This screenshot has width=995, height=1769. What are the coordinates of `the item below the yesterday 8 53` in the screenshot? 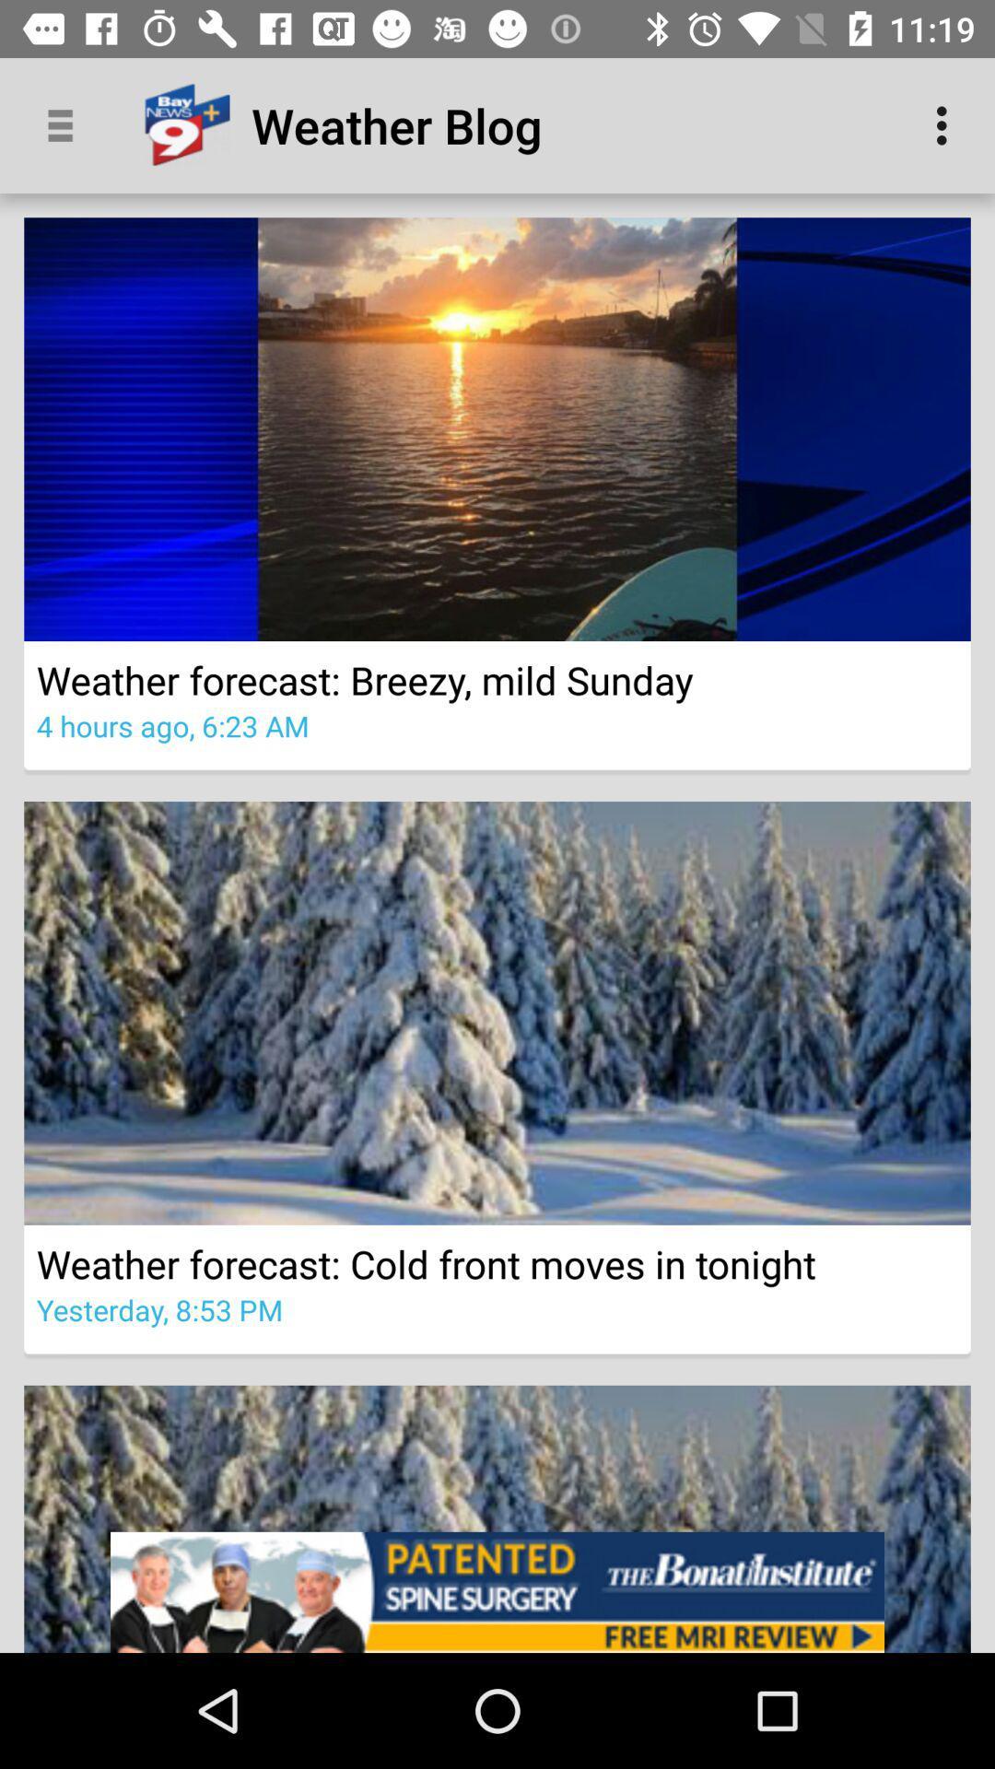 It's located at (497, 1591).